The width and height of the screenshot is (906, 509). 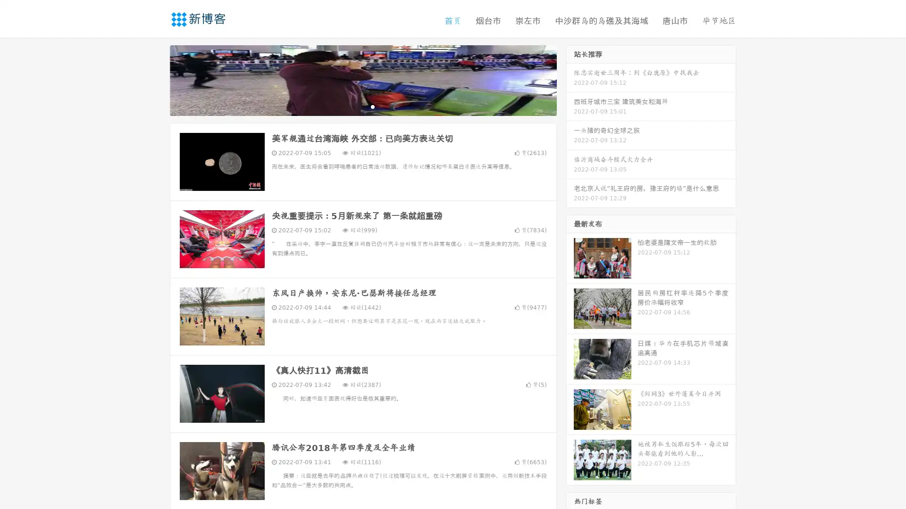 I want to click on Next slide, so click(x=570, y=79).